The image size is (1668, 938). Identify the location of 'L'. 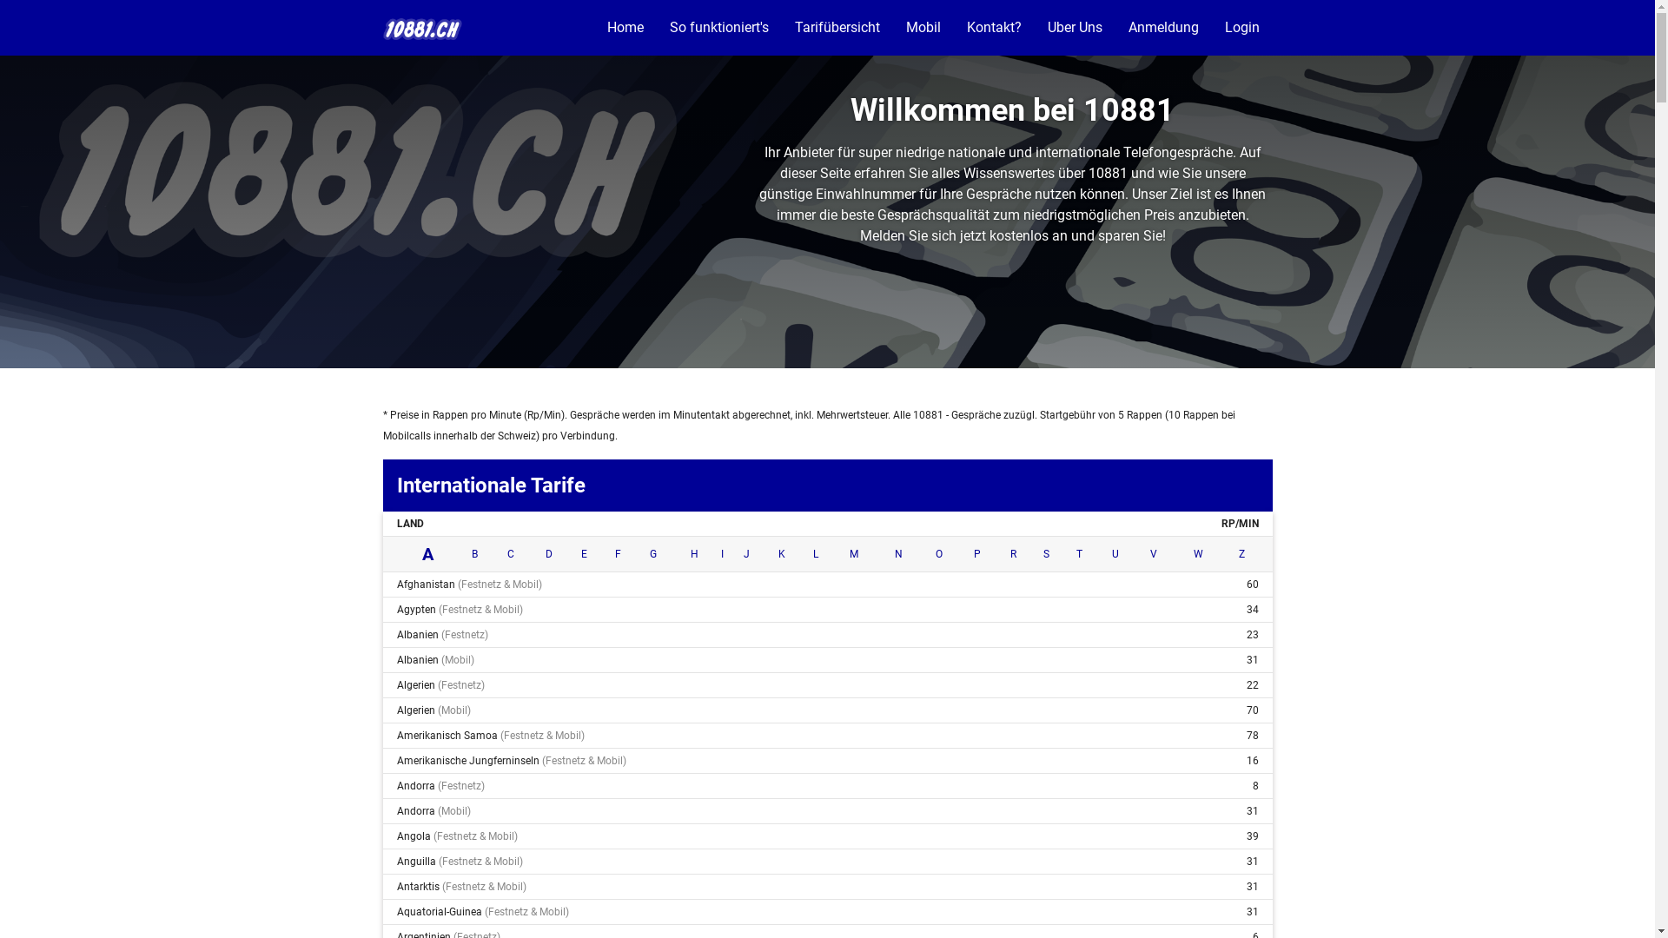
(815, 553).